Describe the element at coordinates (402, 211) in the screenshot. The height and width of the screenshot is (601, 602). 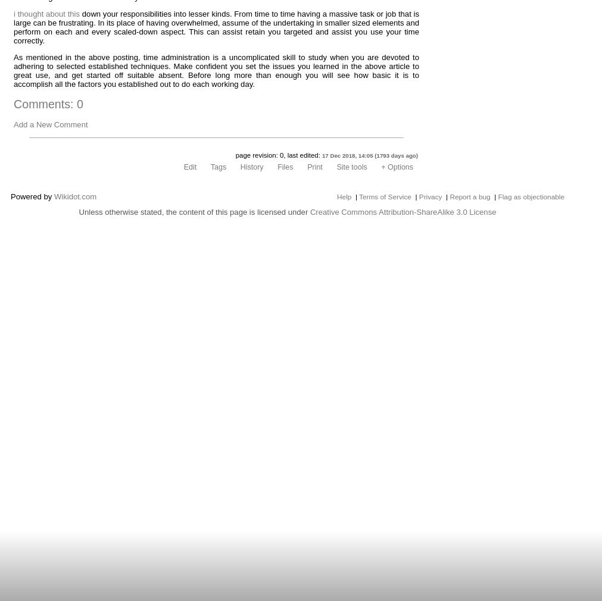
I see `'Creative Commons Attribution-ShareAlike 3.0 License'` at that location.